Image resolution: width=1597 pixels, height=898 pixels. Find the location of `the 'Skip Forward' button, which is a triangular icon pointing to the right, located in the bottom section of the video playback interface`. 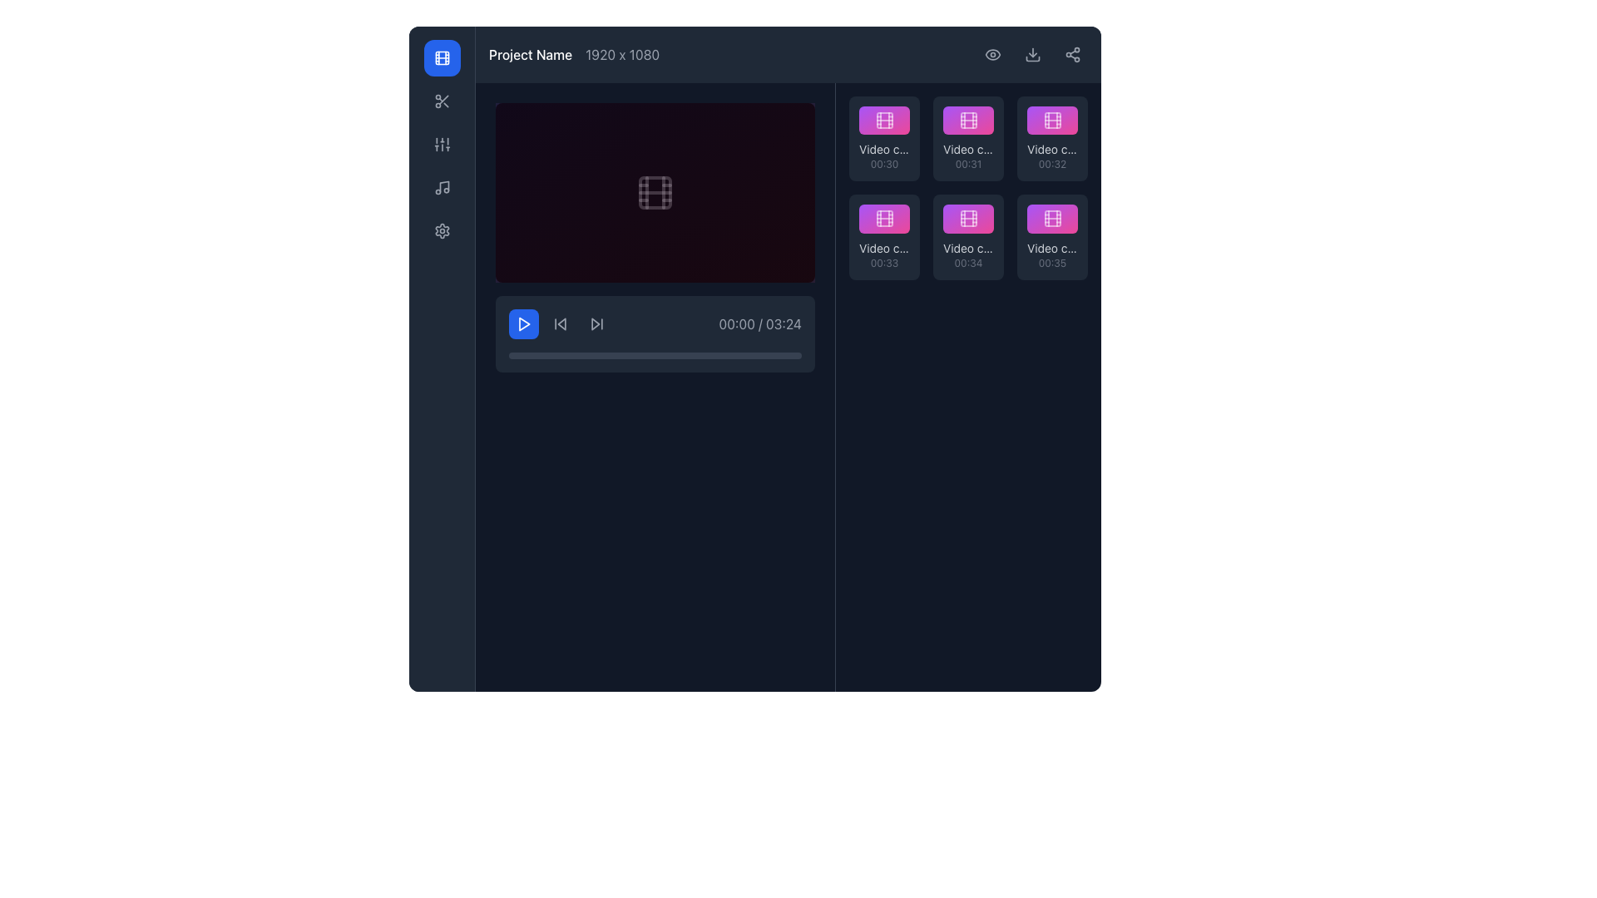

the 'Skip Forward' button, which is a triangular icon pointing to the right, located in the bottom section of the video playback interface is located at coordinates (597, 323).